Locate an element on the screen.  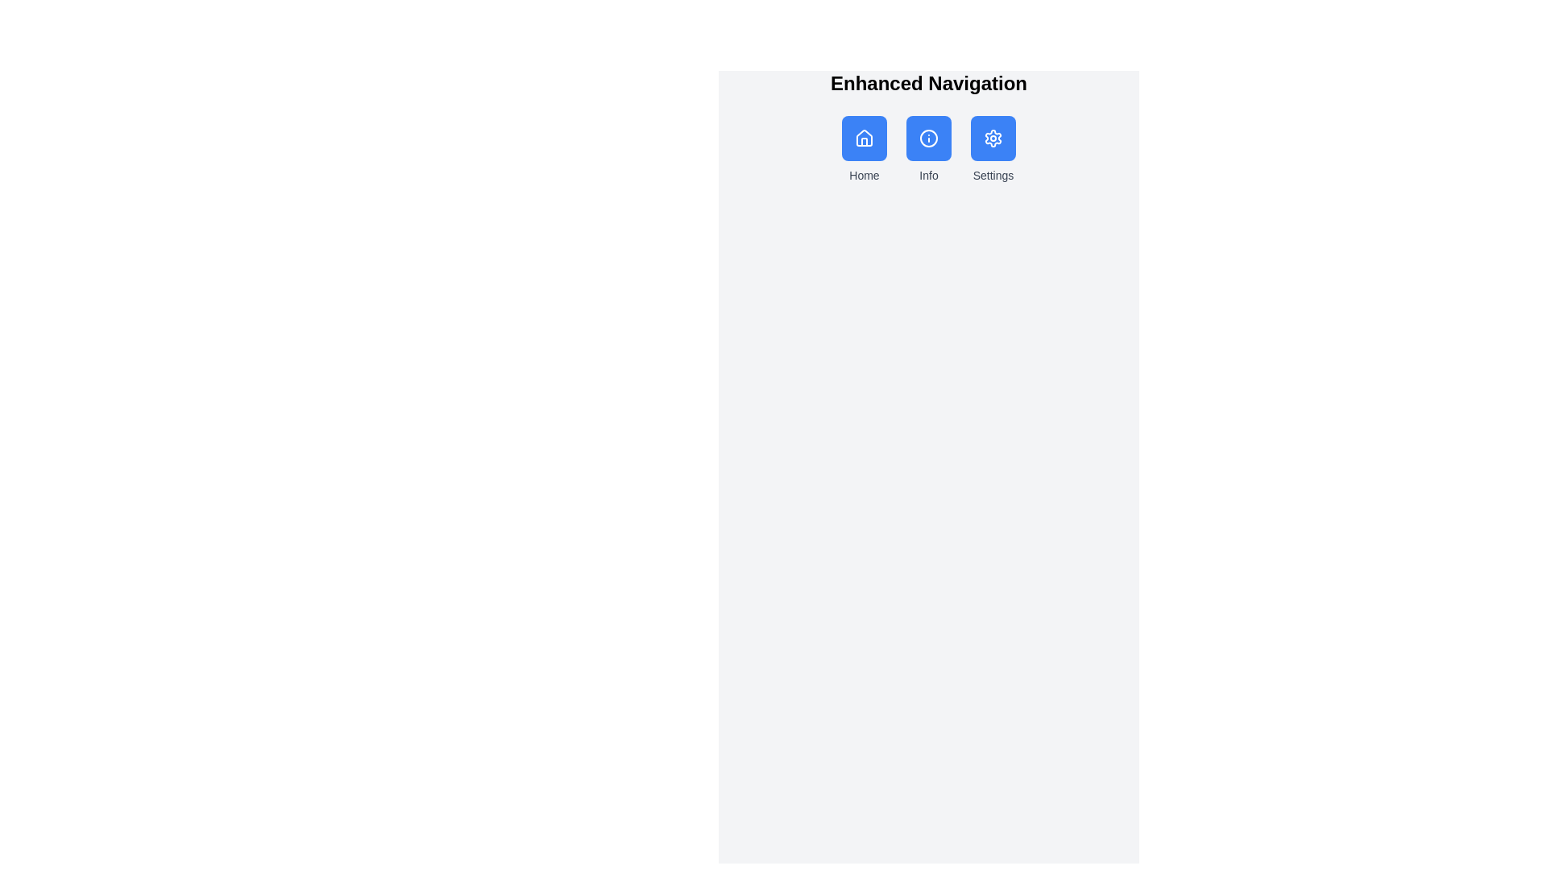
the blue 'Info' button with white text and an icon of an outlined circle with an 'i' in the center is located at coordinates (928, 138).